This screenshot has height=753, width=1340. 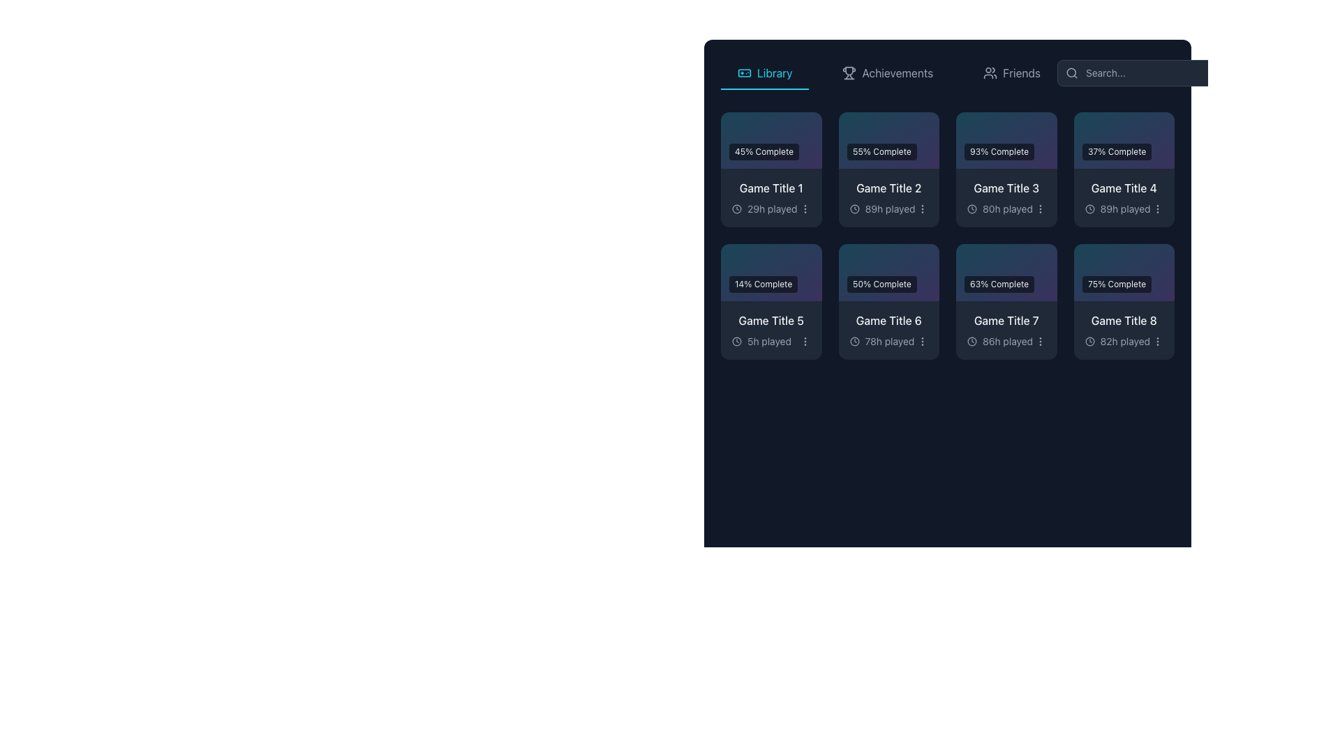 I want to click on the 'Friends' icon, which resembles a small group of people, located in the upper central navigation bar, so click(x=990, y=73).